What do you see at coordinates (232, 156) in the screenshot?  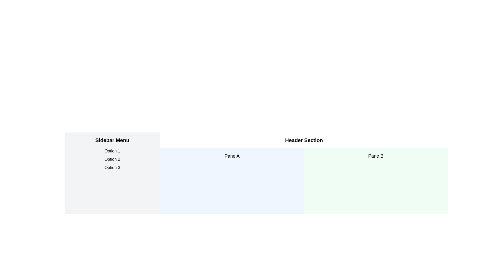 I see `the Text Label that serves as a heading for the 'Pane A' section, located at the top of the left pane` at bounding box center [232, 156].